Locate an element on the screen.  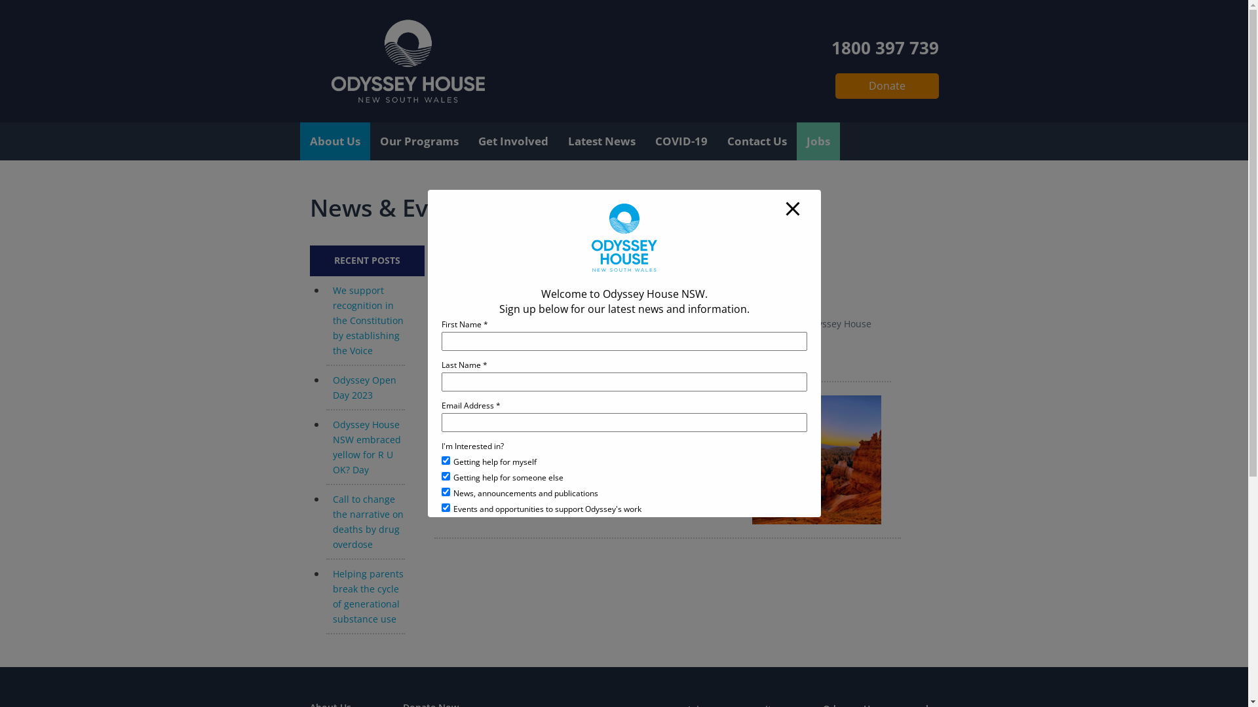
'Our Programs' is located at coordinates (417, 141).